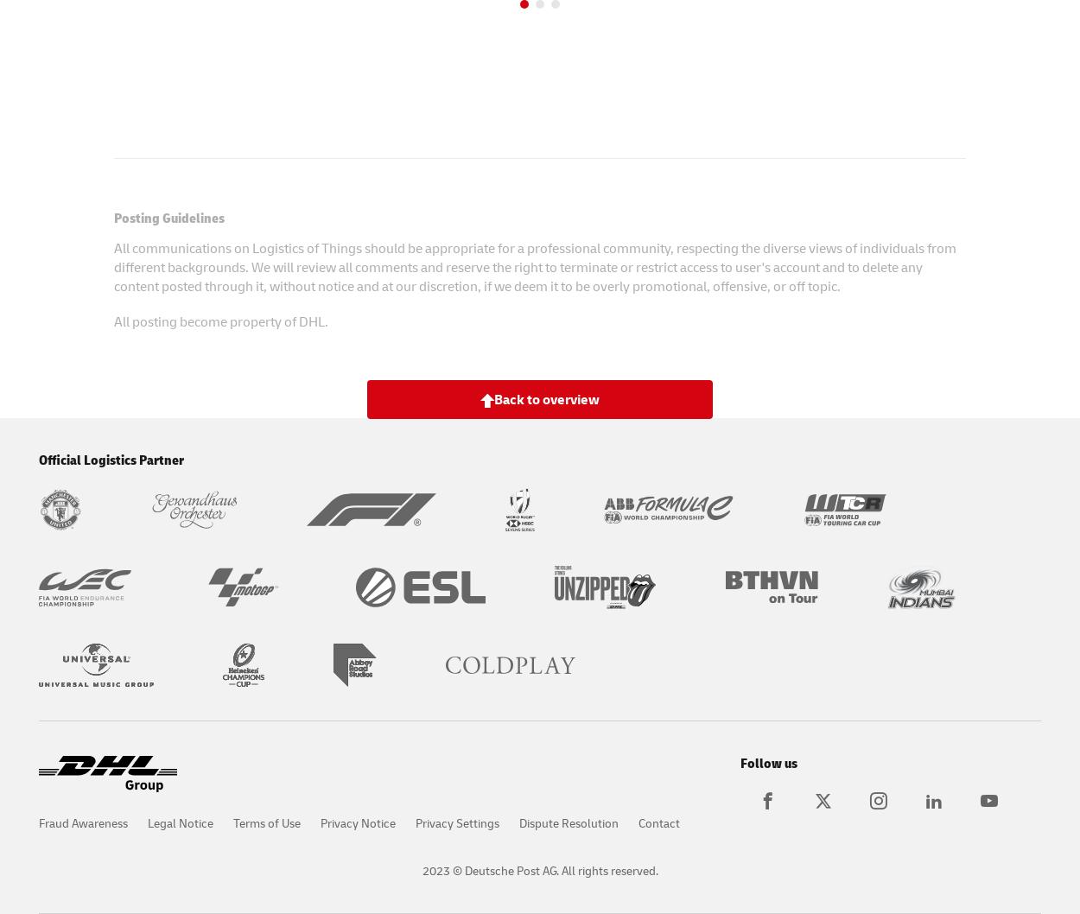 This screenshot has height=914, width=1080. Describe the element at coordinates (82, 822) in the screenshot. I see `'Fraud Awareness'` at that location.